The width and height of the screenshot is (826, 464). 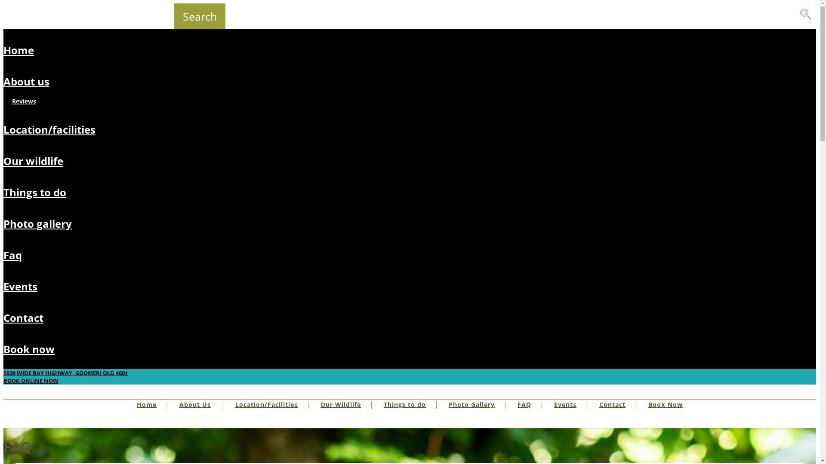 What do you see at coordinates (26, 81) in the screenshot?
I see `'about us'` at bounding box center [26, 81].